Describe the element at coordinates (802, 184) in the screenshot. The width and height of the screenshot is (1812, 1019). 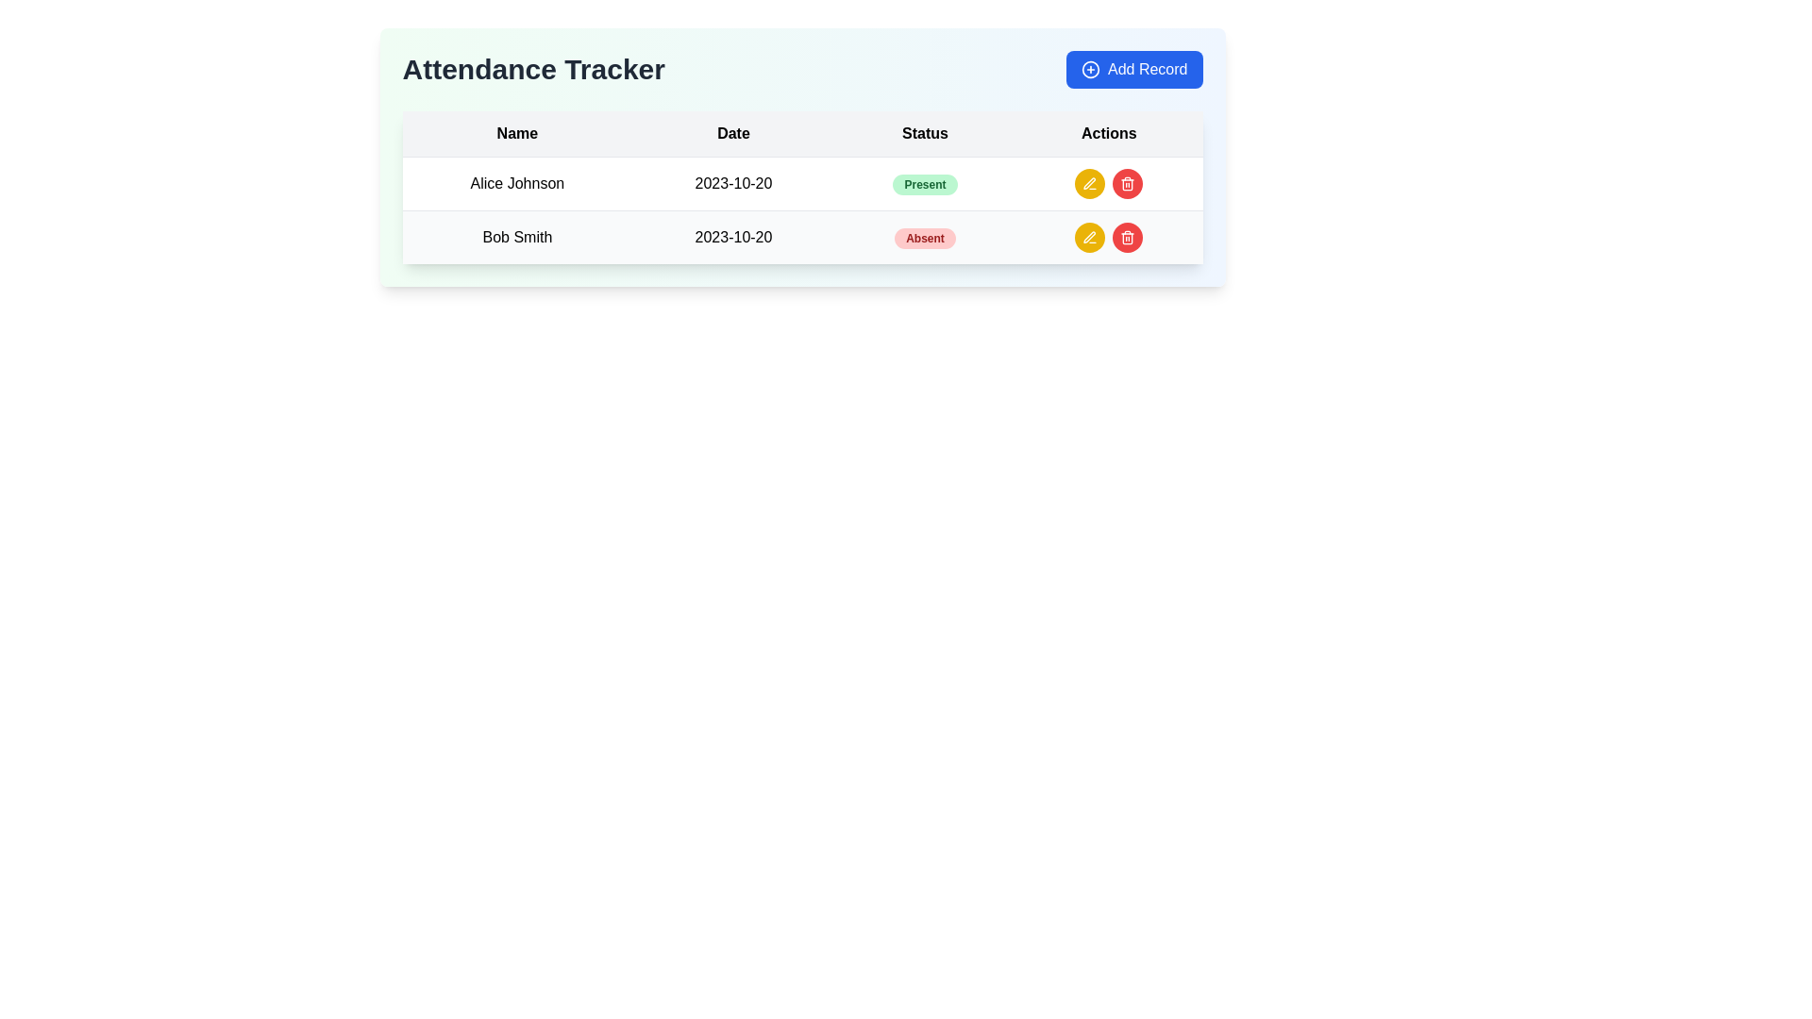
I see `the data in the attendance table row containing 'Alice Johnson', '2023-10-20', and the status 'Present'` at that location.